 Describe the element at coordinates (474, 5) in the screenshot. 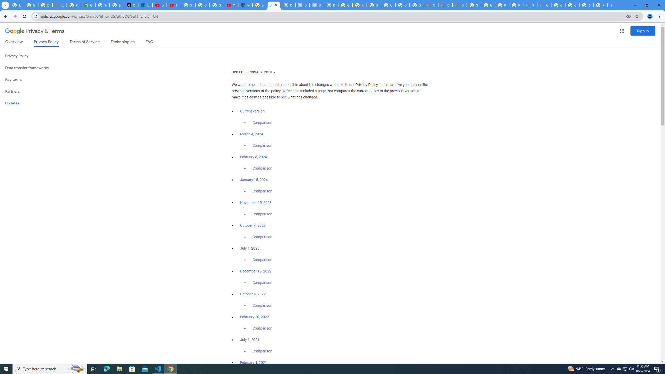

I see `'Google Cloud Platform'` at that location.